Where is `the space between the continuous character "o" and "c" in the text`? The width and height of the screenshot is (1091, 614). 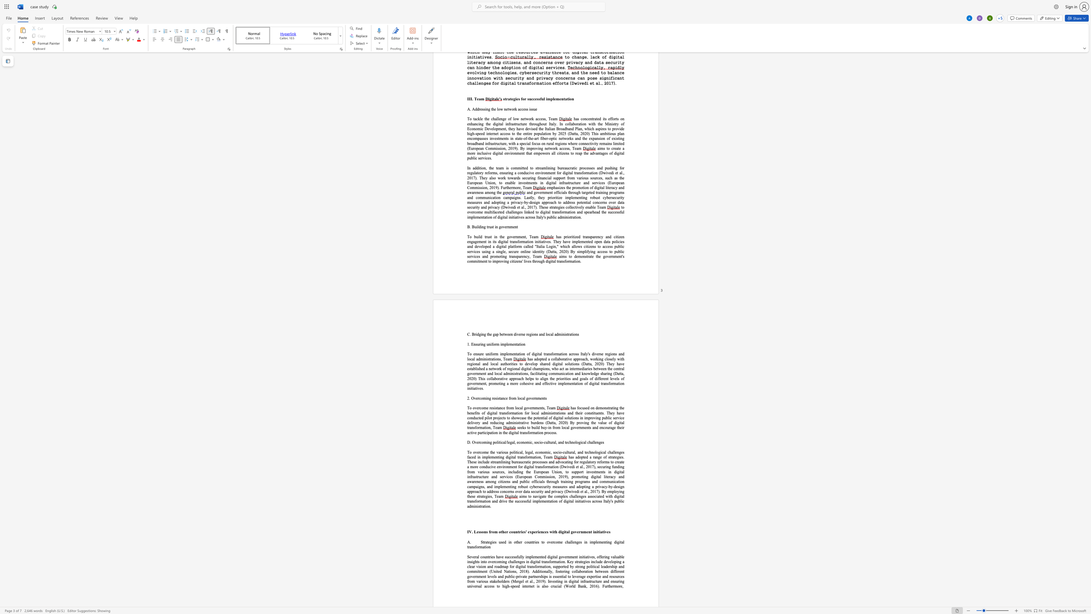
the space between the continuous character "o" and "c" in the text is located at coordinates (537, 442).